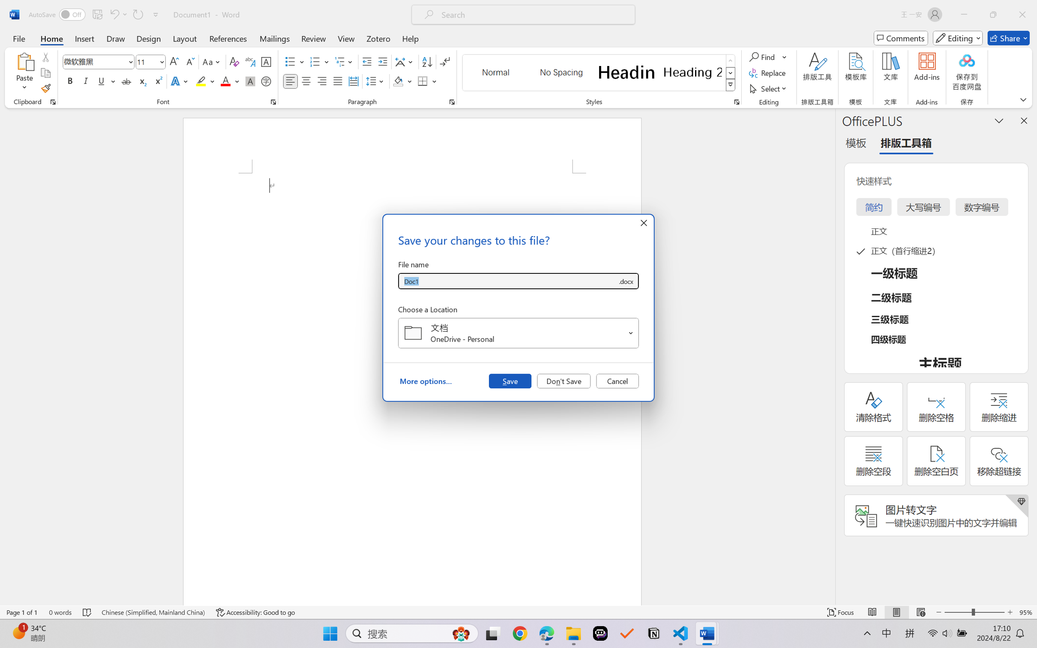 The image size is (1037, 648). Describe the element at coordinates (599, 73) in the screenshot. I see `'AutomationID: QuickStylesGallery'` at that location.